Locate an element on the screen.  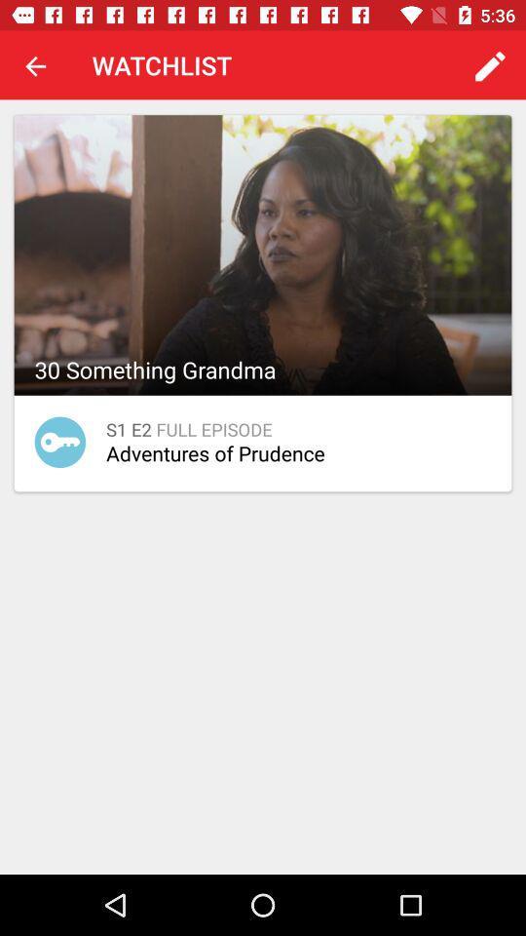
item at the top right corner is located at coordinates (489, 65).